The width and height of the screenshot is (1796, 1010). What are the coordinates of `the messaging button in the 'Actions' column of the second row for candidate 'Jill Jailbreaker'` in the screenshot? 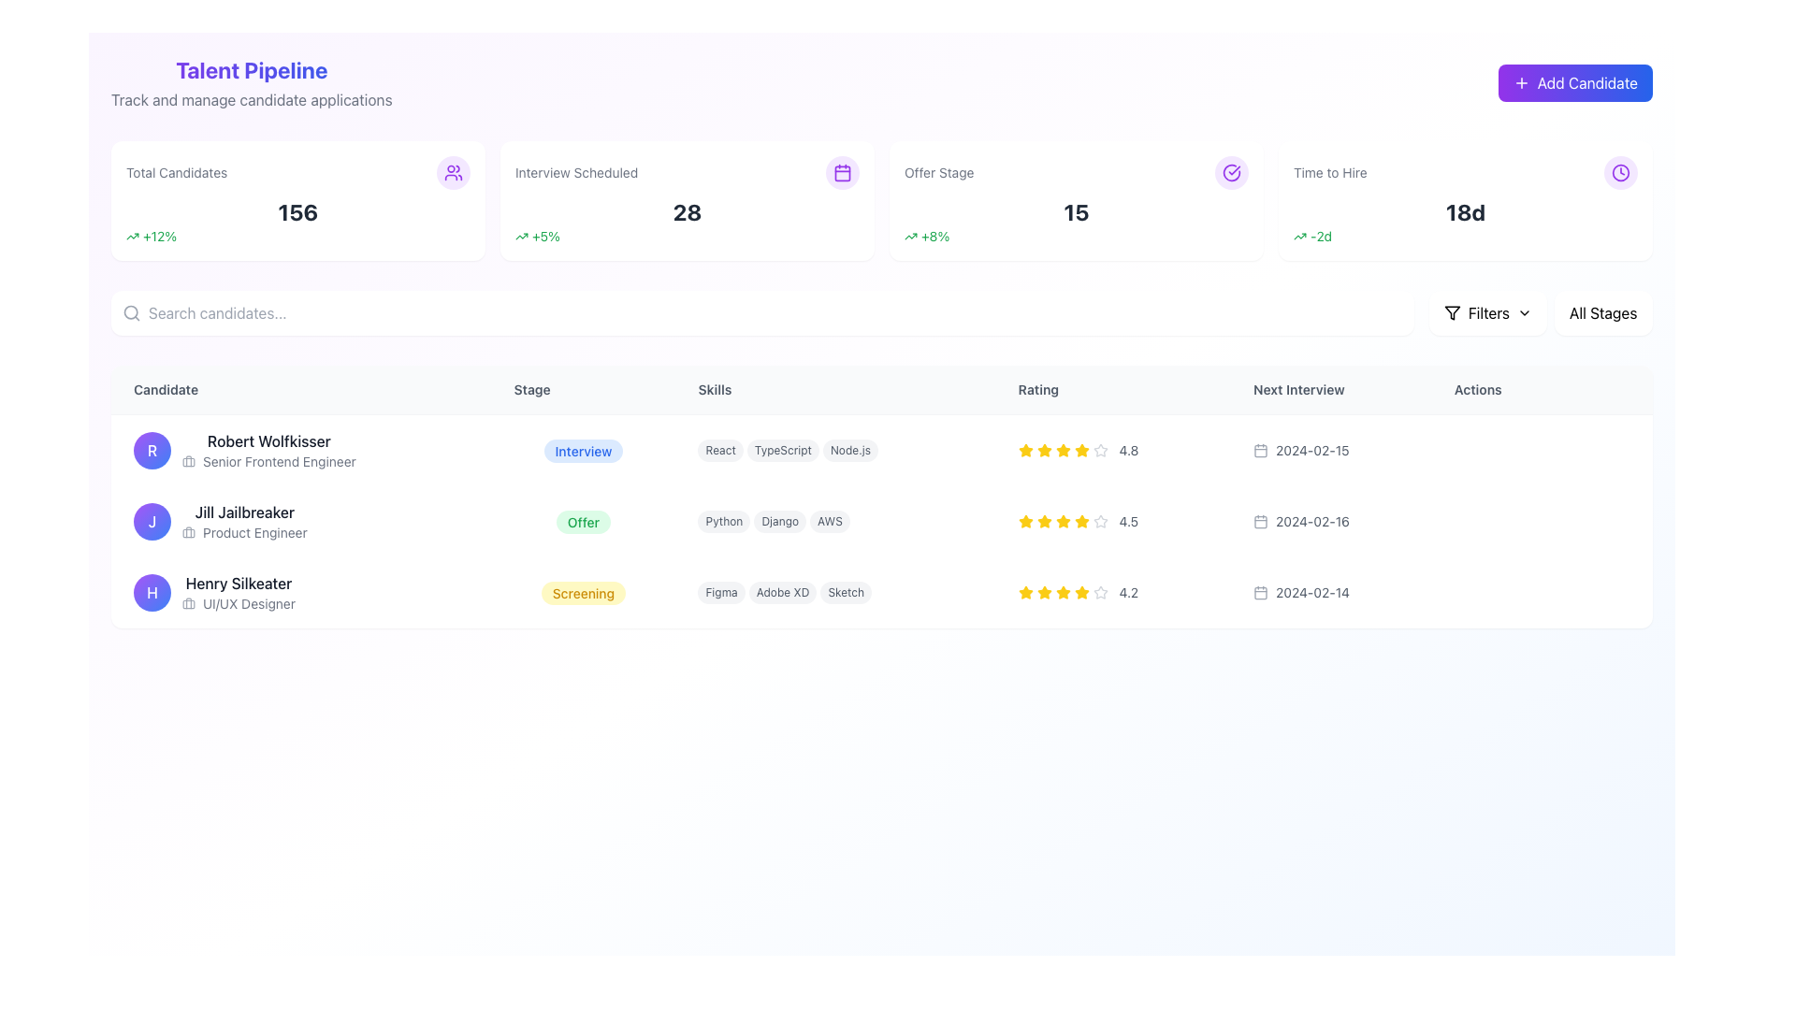 It's located at (1548, 522).